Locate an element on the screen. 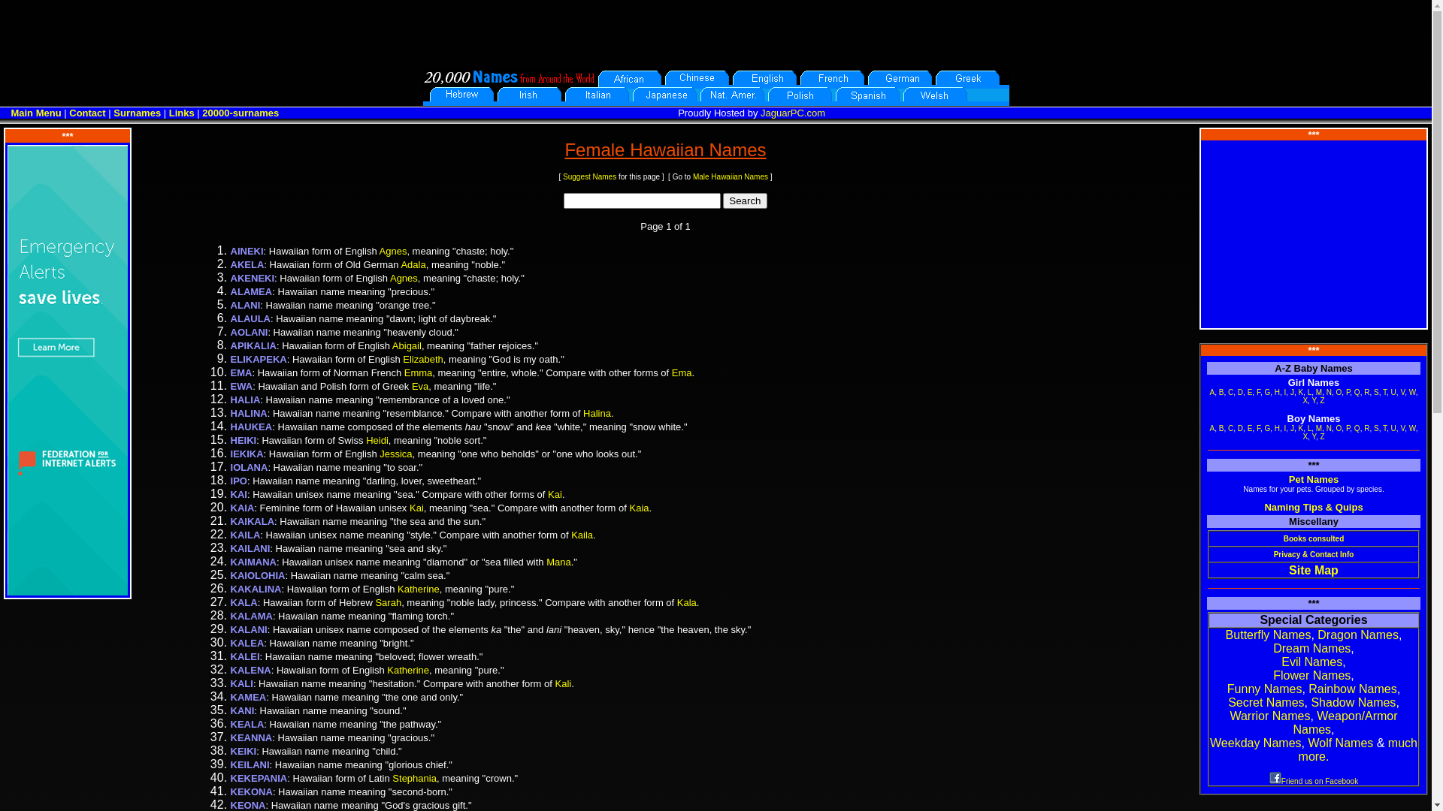 The image size is (1443, 811). 'W' is located at coordinates (1411, 391).